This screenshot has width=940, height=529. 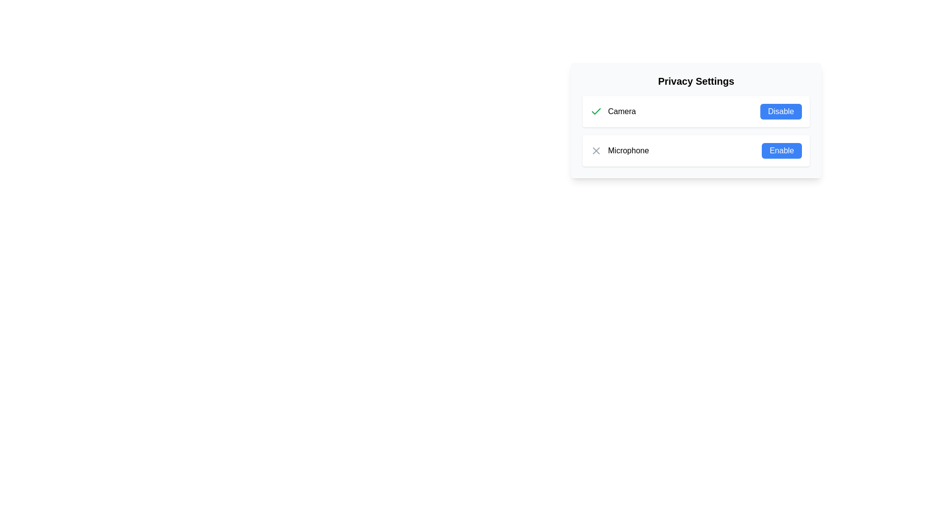 What do you see at coordinates (612, 111) in the screenshot?
I see `the Static label with a green check icon and the text 'Camera' located within the top row of the 'Privacy Settings' card, which is positioned to the left of the blue 'Disable' button` at bounding box center [612, 111].